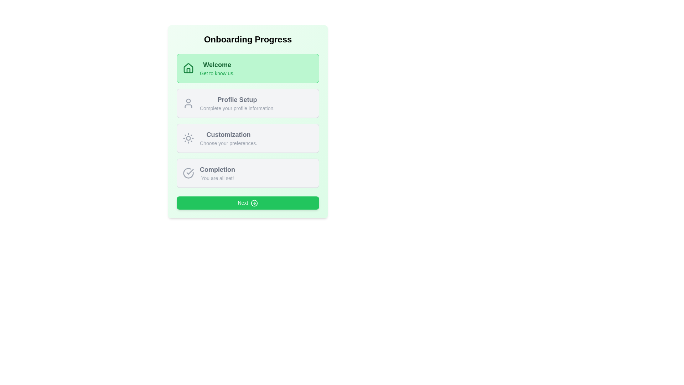  I want to click on welcoming greeting and short description from the header text element in the 'Onboarding Progress' interface, located adjacent to the home-shaped icon, so click(217, 68).